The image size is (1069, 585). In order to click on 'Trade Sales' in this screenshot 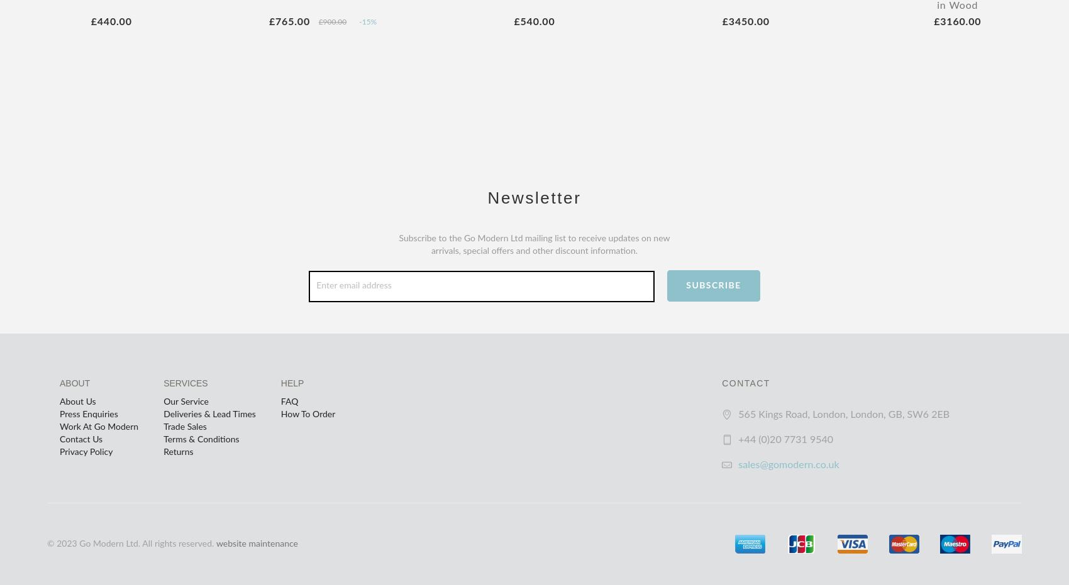, I will do `click(184, 425)`.